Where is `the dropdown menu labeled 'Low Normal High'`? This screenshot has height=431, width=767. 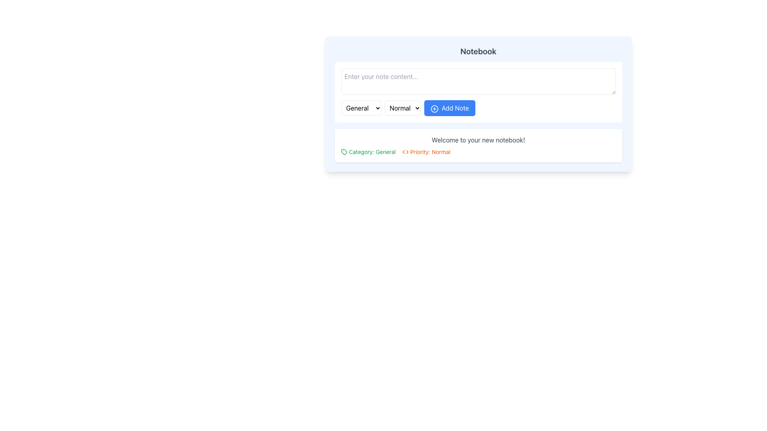
the dropdown menu labeled 'Low Normal High' is located at coordinates (403, 108).